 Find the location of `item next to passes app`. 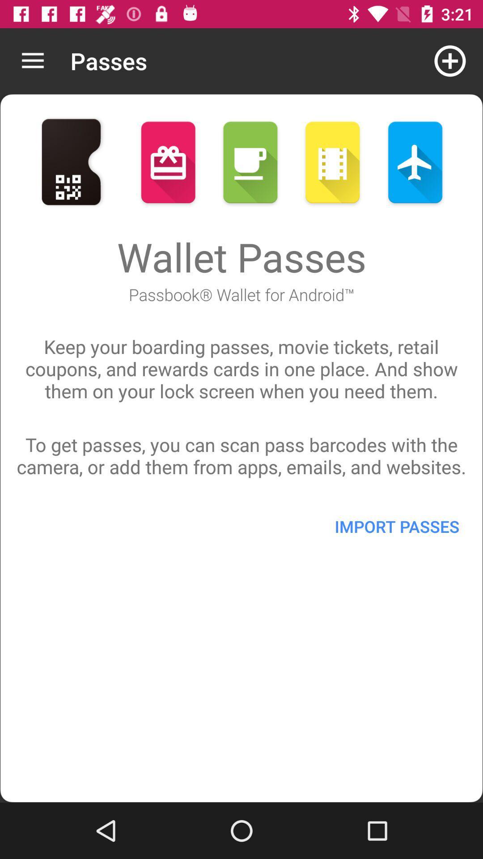

item next to passes app is located at coordinates (32, 60).